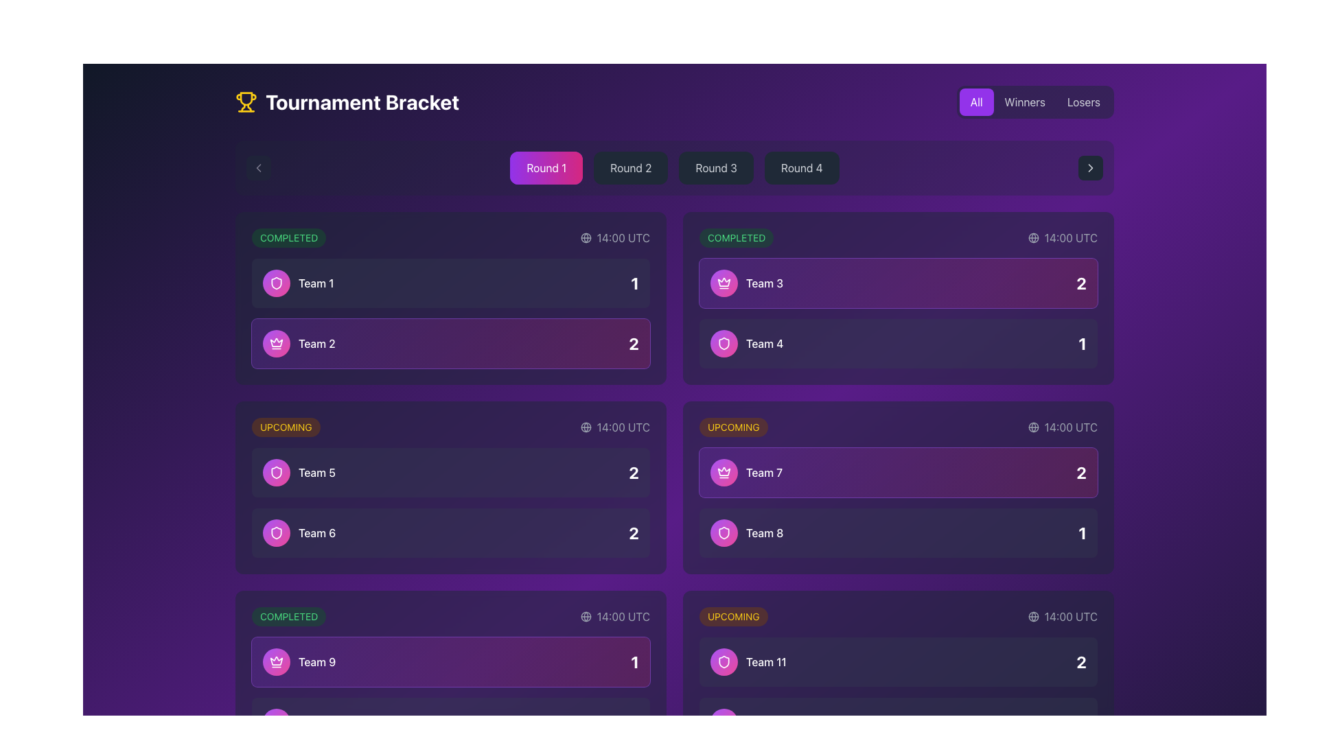  I want to click on the score display element representing one of the teams in a competitive match, located at the far-right side of the card next to the numeral '1', so click(1080, 472).